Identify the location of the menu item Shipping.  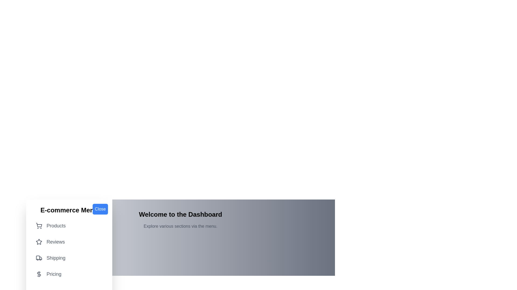
(69, 258).